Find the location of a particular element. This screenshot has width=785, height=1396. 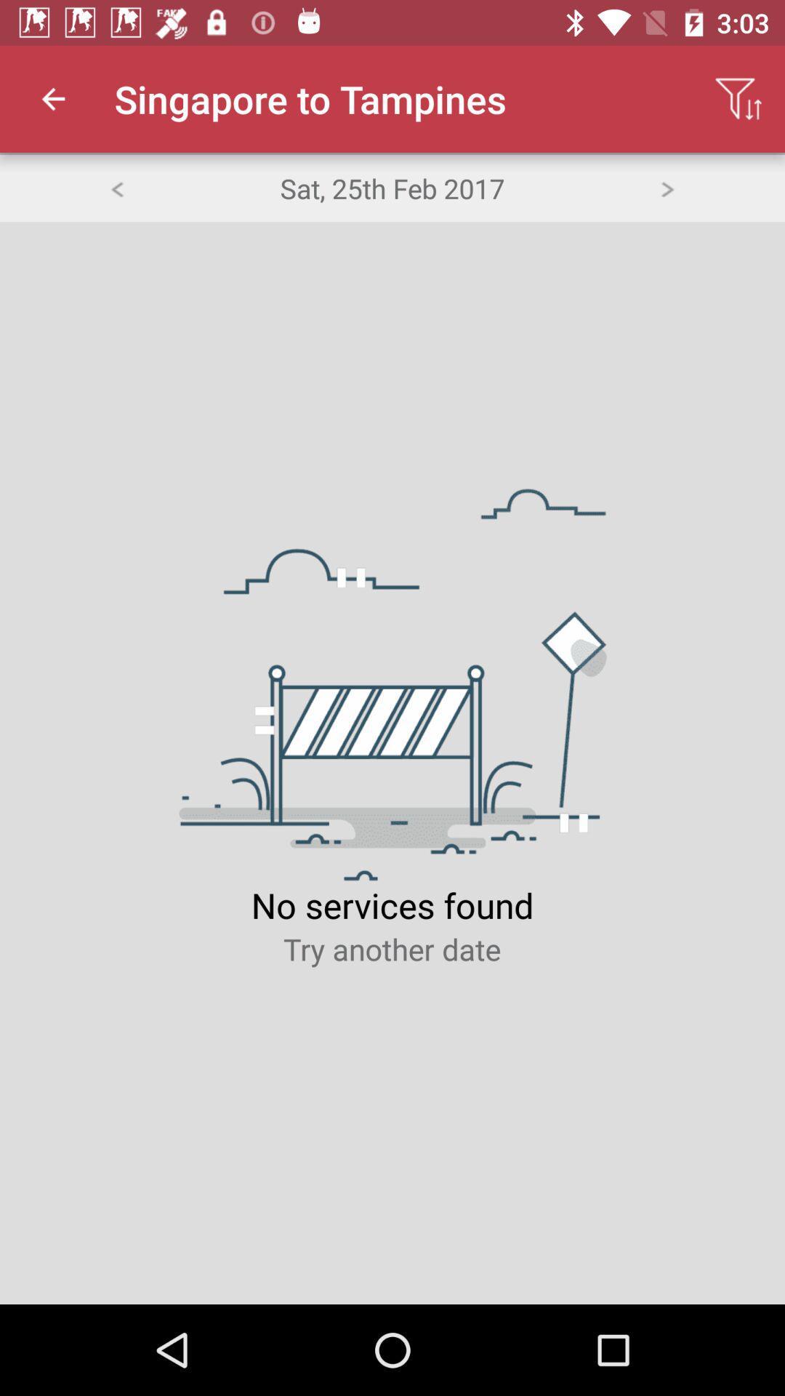

icon to the left of the singapore to tampines app is located at coordinates (52, 98).